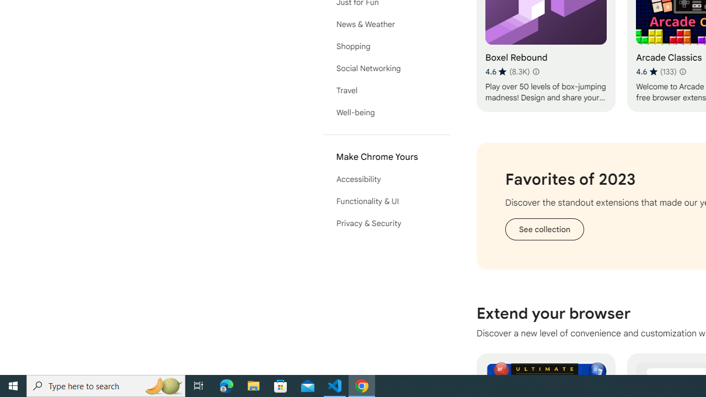 The width and height of the screenshot is (706, 397). Describe the element at coordinates (656, 71) in the screenshot. I see `'Average rating 4.6 out of 5 stars. 133 ratings.'` at that location.